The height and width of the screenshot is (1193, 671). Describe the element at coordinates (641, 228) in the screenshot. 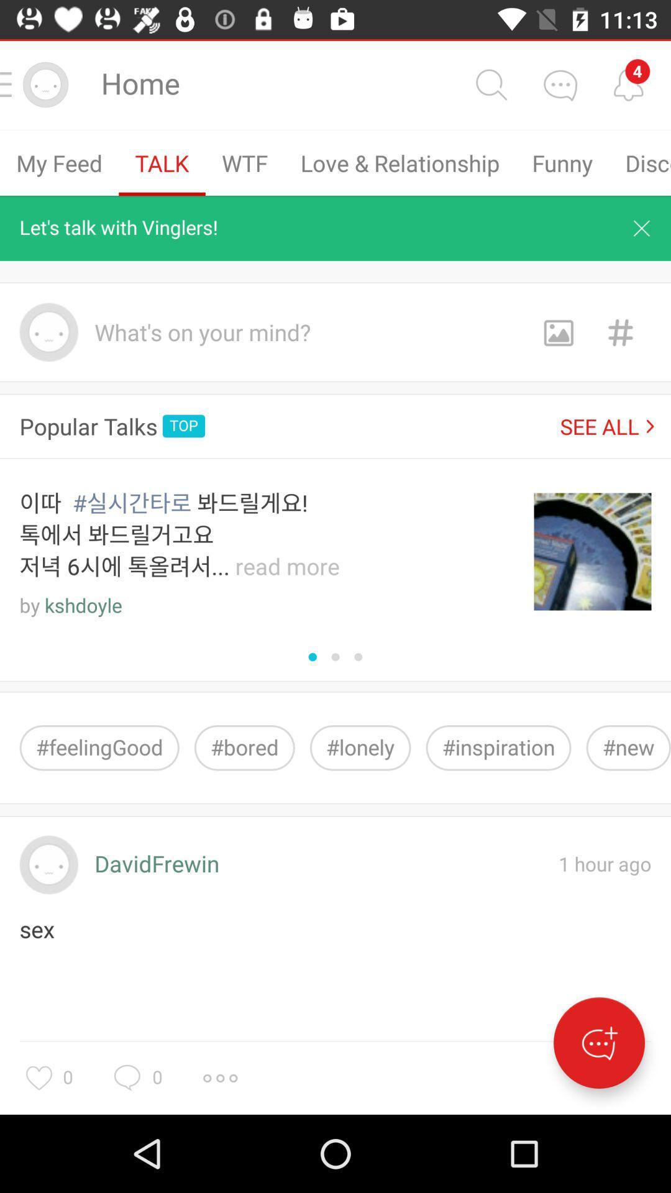

I see `the page` at that location.